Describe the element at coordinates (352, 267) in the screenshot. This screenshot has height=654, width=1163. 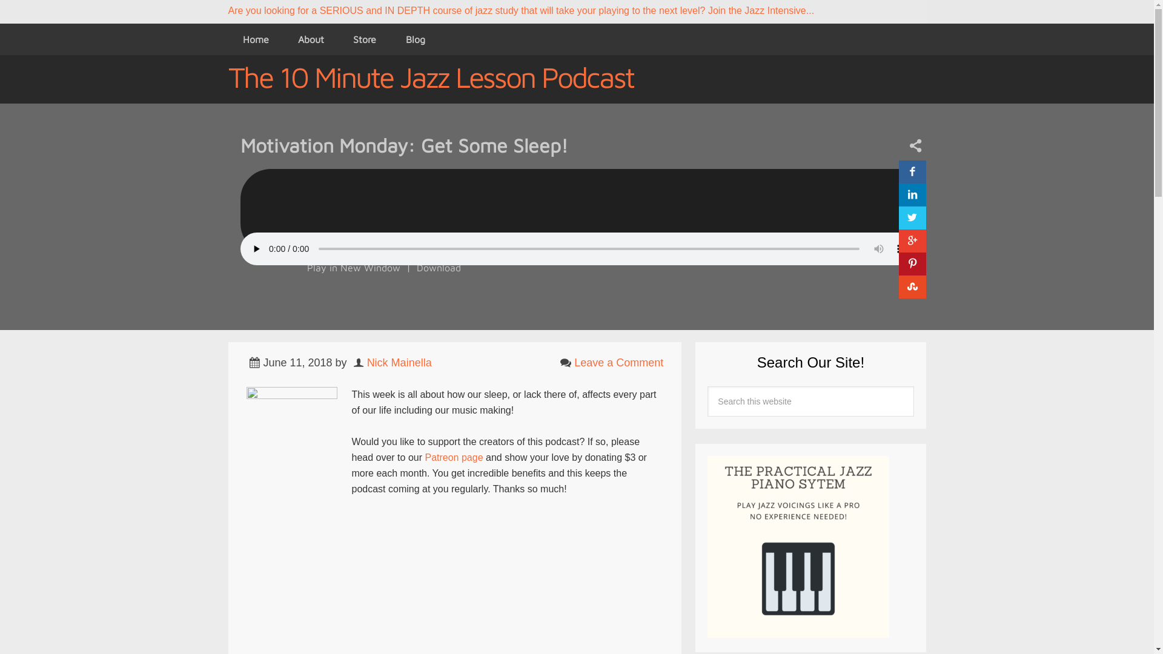
I see `'Play in New Window'` at that location.